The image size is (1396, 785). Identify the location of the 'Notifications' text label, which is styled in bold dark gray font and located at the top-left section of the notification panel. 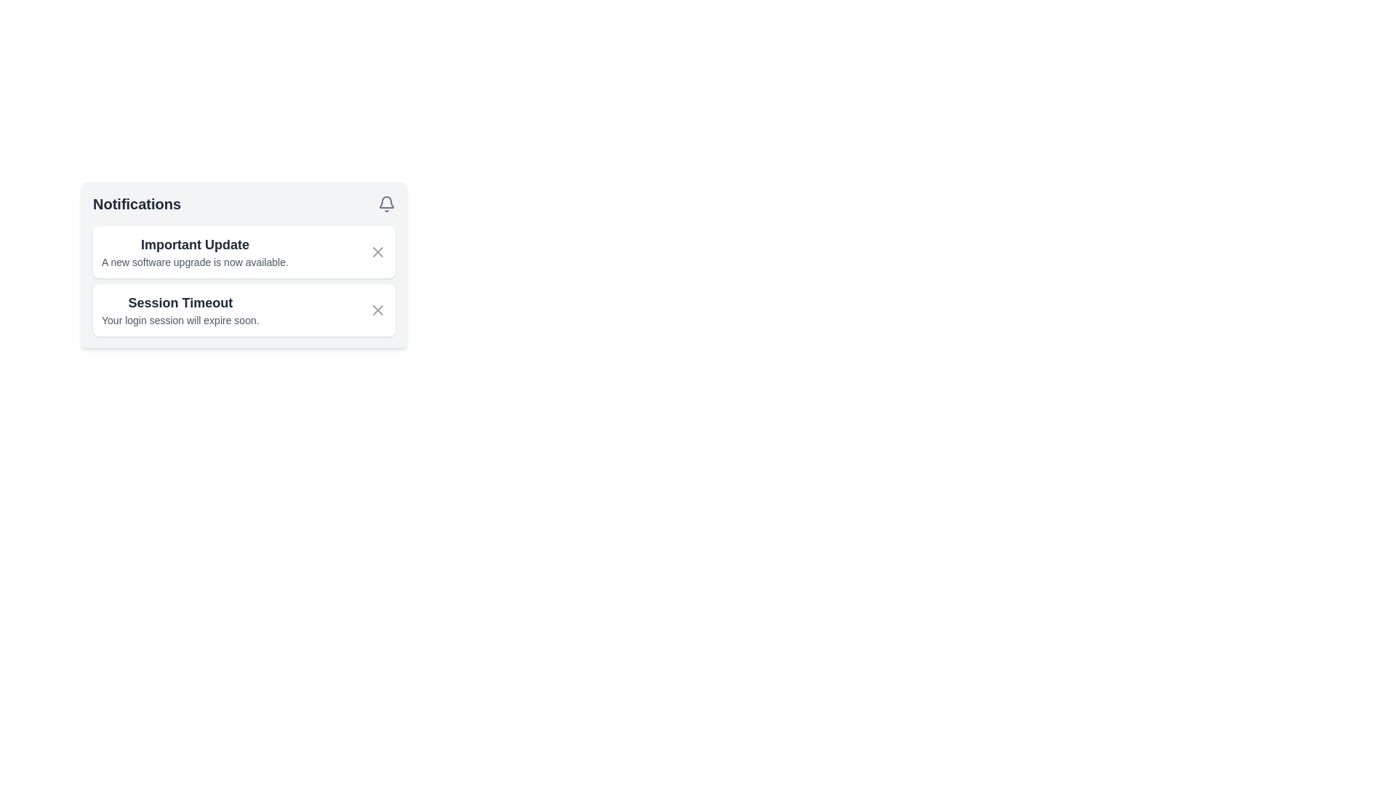
(137, 204).